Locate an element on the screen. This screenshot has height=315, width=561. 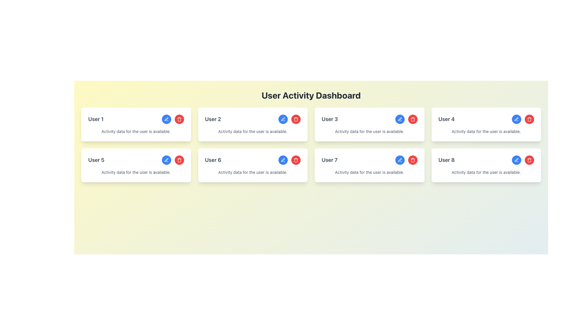
the first button with a pen icon, located to the right of the card labeled 'User 1' in the 'User Activity Dashboard' grid layout is located at coordinates (166, 119).